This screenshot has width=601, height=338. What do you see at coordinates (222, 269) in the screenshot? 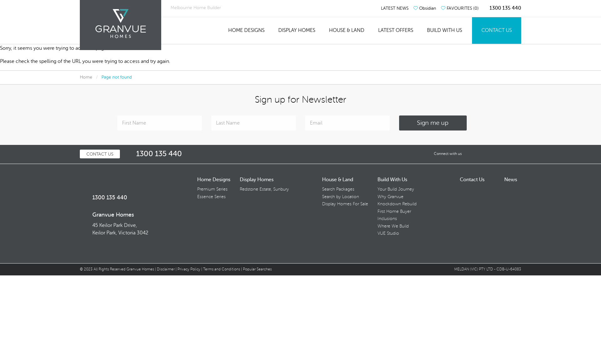
I see `'Terms and Conditions'` at bounding box center [222, 269].